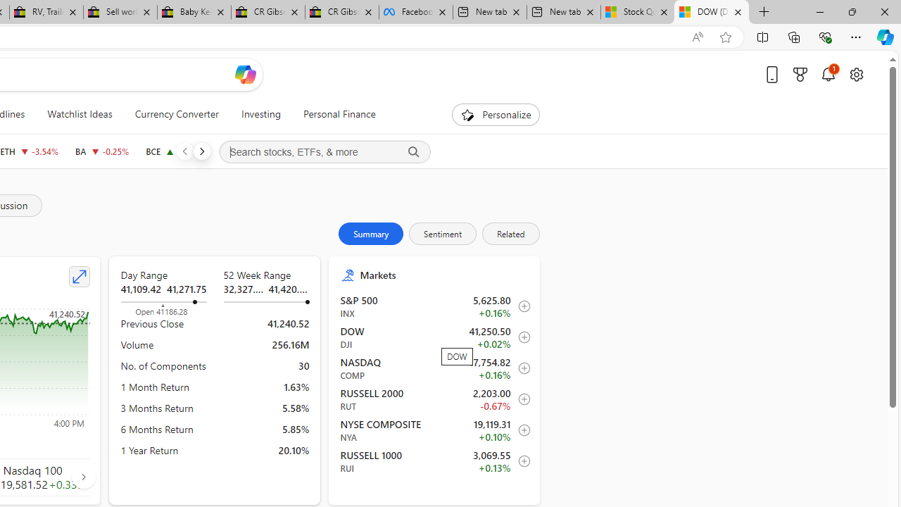 This screenshot has height=507, width=901. Describe the element at coordinates (434, 368) in the screenshot. I see `'COMP NASDAQ increase 17,754.82 +29.06 +0.16% itemundefined'` at that location.